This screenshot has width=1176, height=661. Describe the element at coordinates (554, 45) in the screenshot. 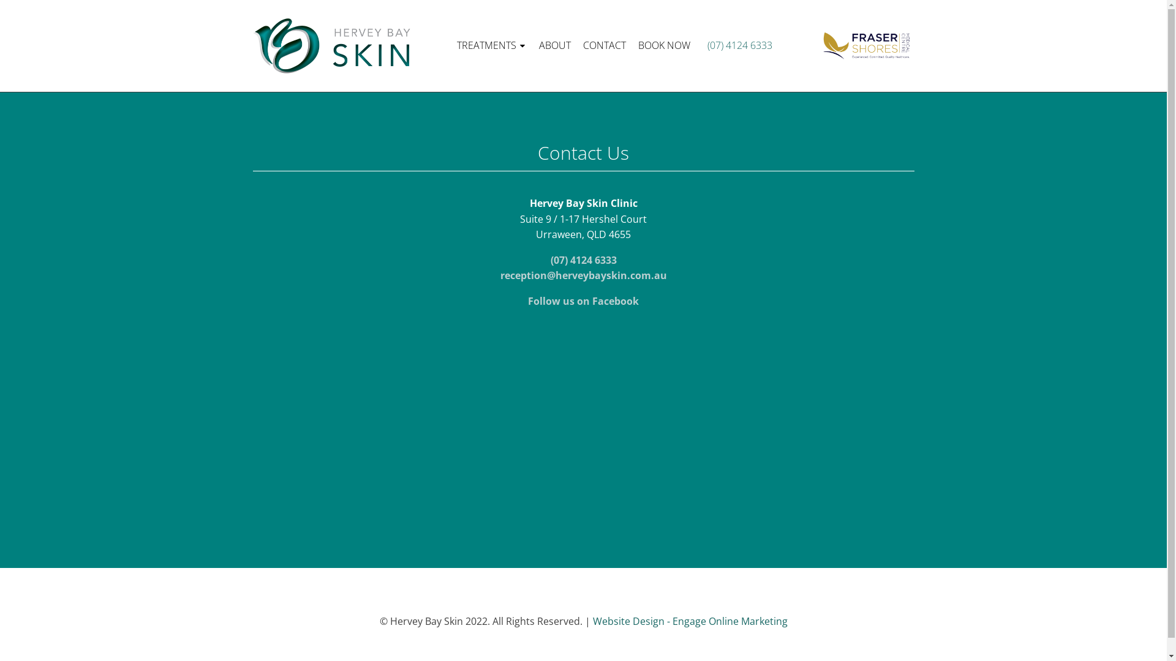

I see `'ABOUT'` at that location.